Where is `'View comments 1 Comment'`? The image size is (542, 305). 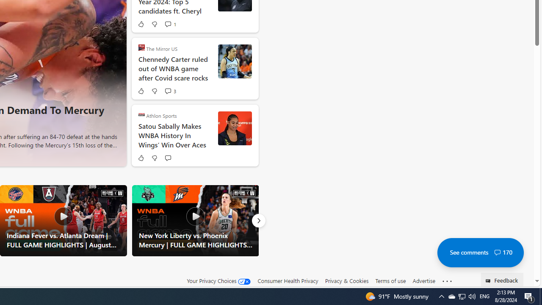 'View comments 1 Comment' is located at coordinates (168, 23).